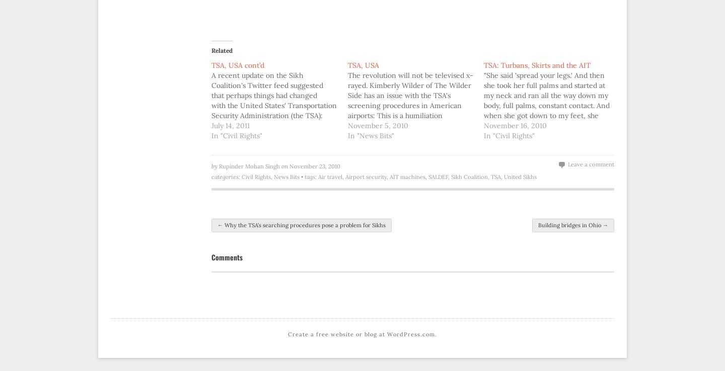 The image size is (725, 371). Describe the element at coordinates (211, 228) in the screenshot. I see `'Post navigation'` at that location.